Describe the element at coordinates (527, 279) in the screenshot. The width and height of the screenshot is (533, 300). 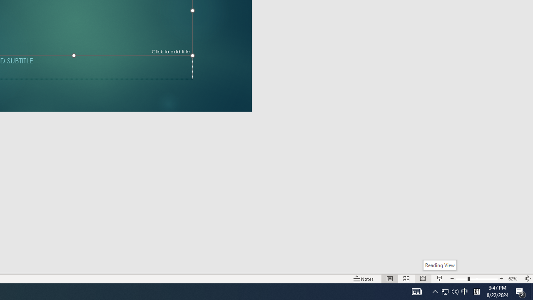
I see `'Zoom to Fit '` at that location.